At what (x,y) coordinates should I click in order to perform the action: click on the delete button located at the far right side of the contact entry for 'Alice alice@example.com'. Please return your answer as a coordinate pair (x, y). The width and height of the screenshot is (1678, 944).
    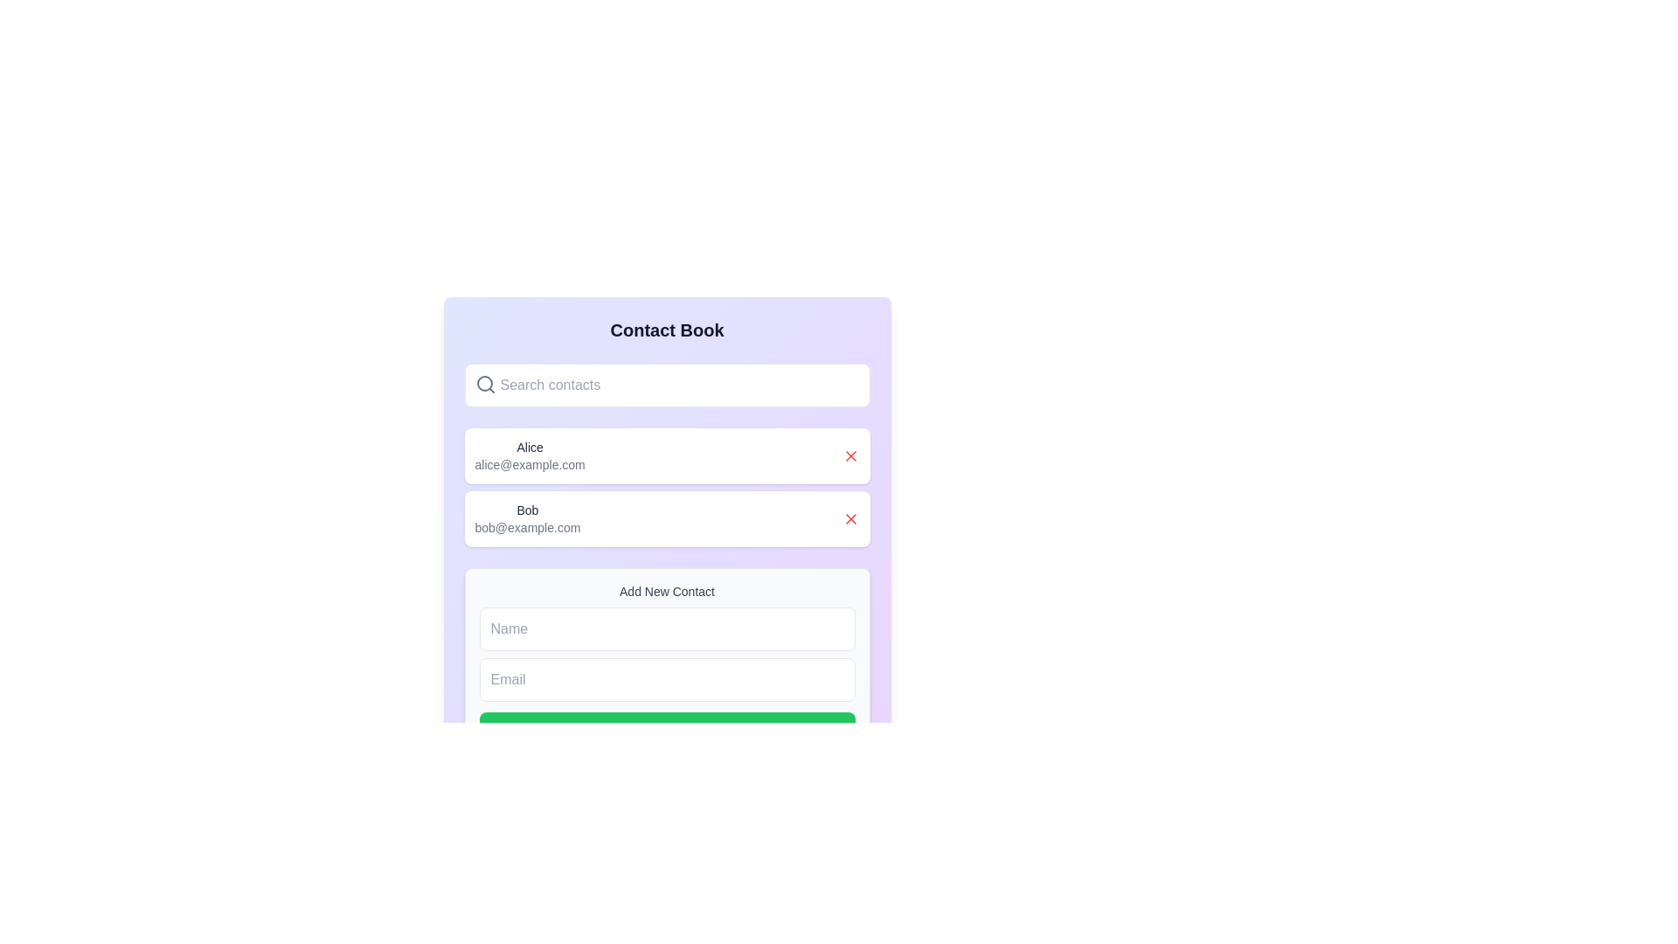
    Looking at the image, I should click on (850, 455).